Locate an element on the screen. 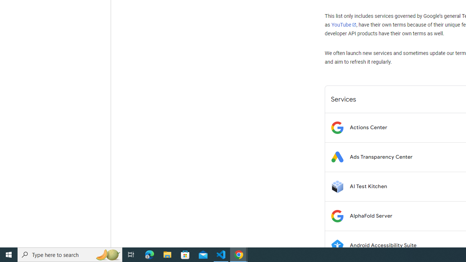 This screenshot has height=262, width=466. 'Logo for AlphaFold Server' is located at coordinates (337, 215).